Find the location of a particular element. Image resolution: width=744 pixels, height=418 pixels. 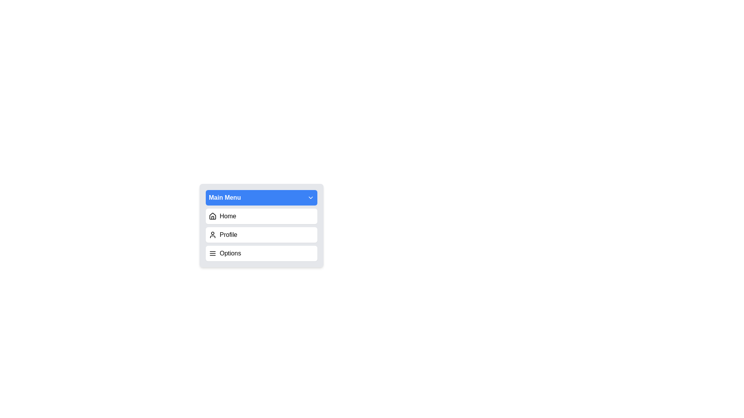

the second button in the vertical menu list titled 'Main Menu', located below the 'Home' button and above the 'Options' button is located at coordinates (262, 234).